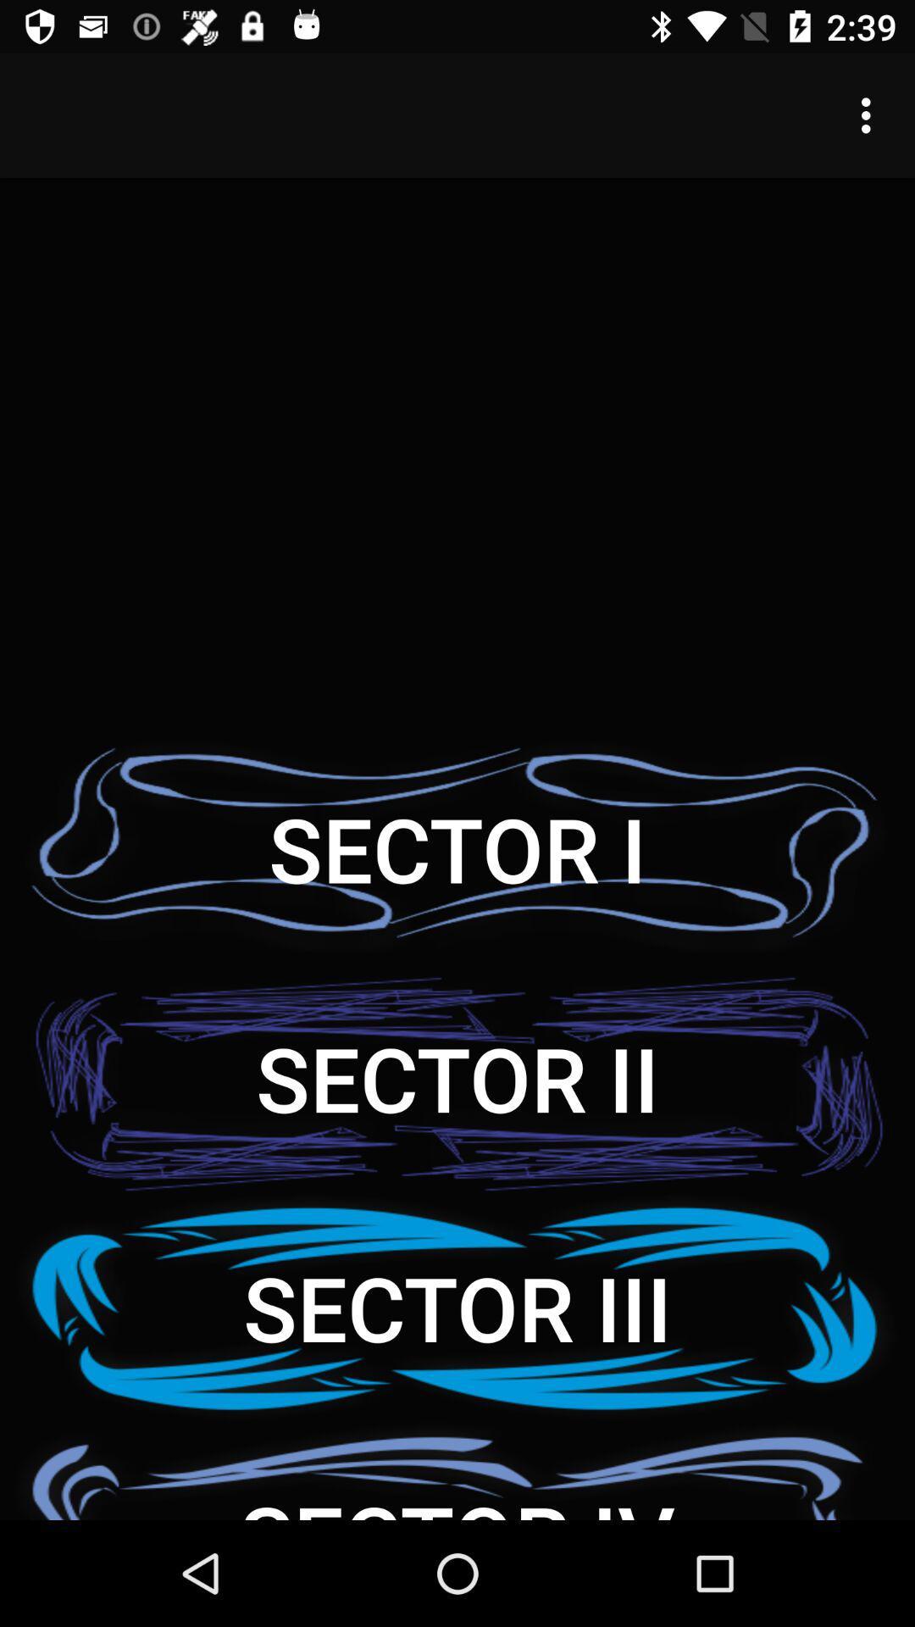 The height and width of the screenshot is (1627, 915). I want to click on icon above the sector iv icon, so click(457, 1307).